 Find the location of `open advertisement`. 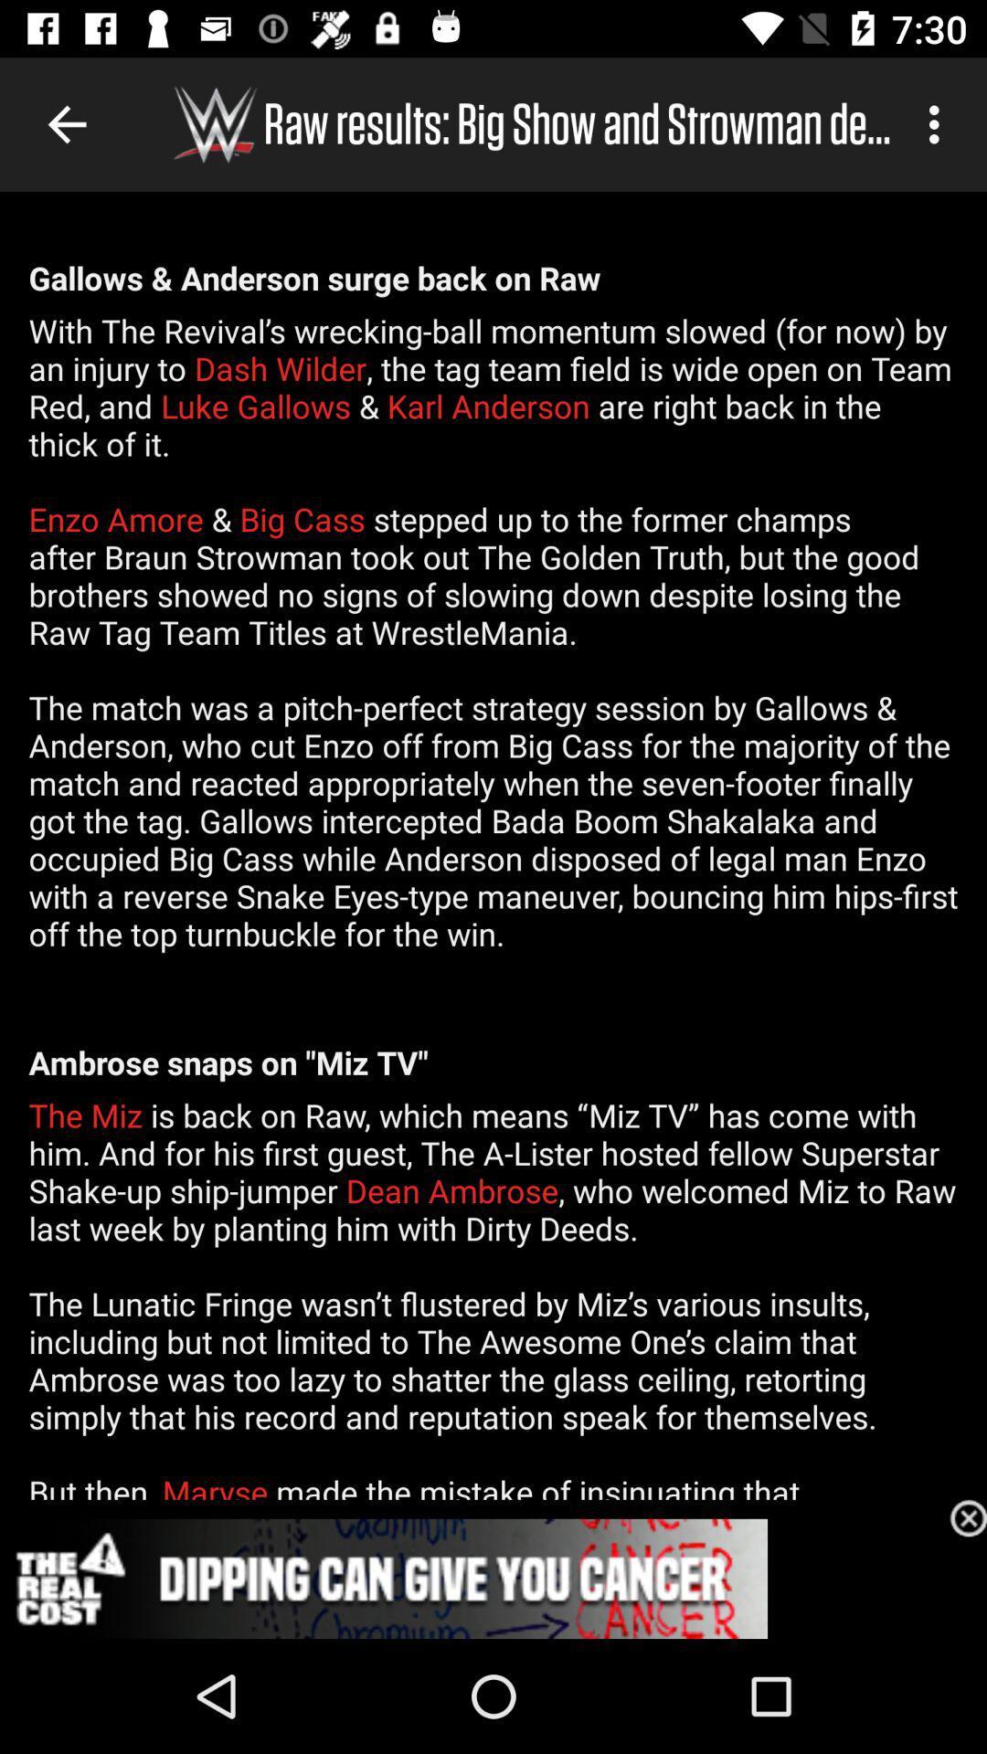

open advertisement is located at coordinates (493, 1578).